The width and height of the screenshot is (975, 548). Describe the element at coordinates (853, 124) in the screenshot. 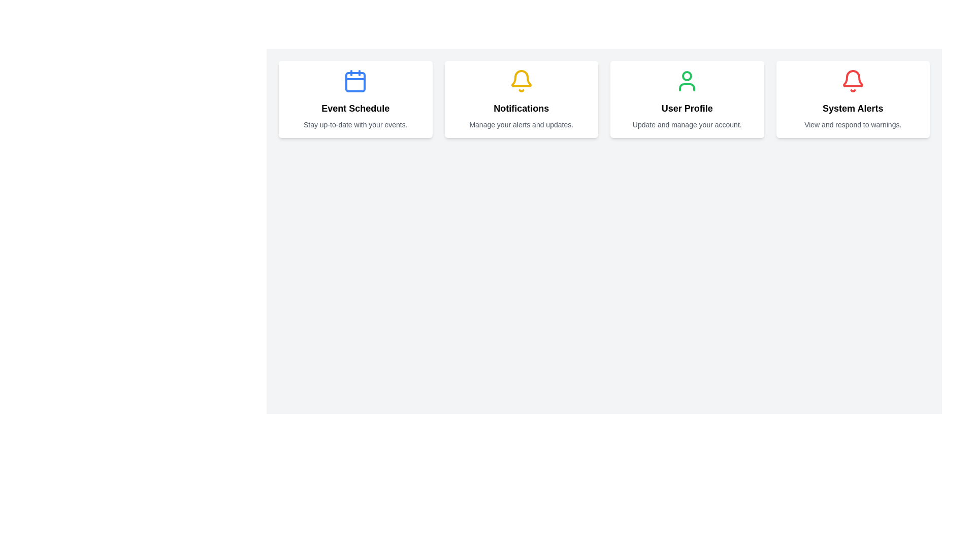

I see `the text label displaying 'View and respond to warnings.' located under the 'System Alerts' heading in the dashboard card` at that location.